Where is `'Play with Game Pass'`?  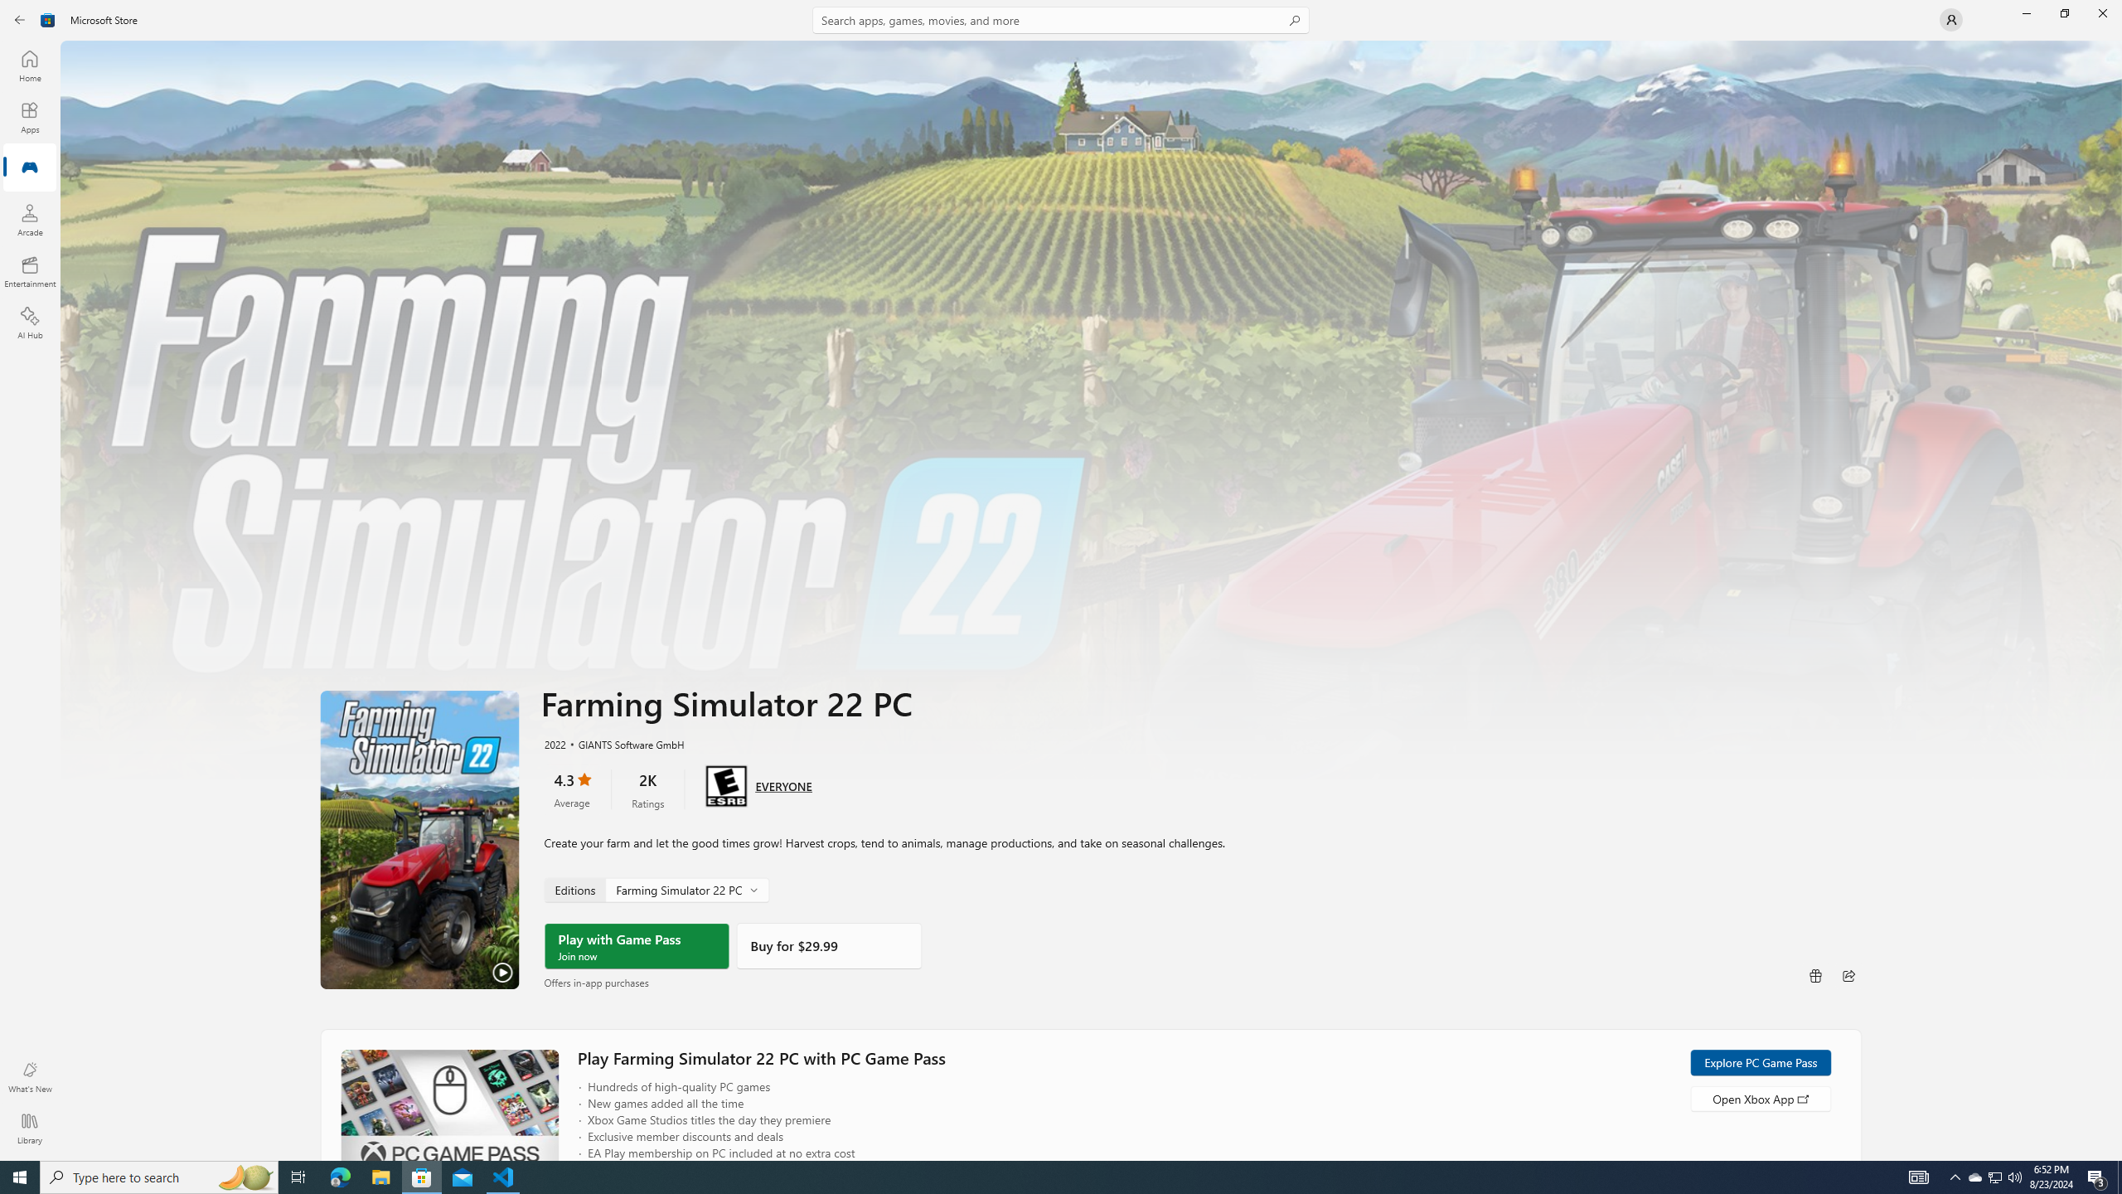 'Play with Game Pass' is located at coordinates (636, 946).